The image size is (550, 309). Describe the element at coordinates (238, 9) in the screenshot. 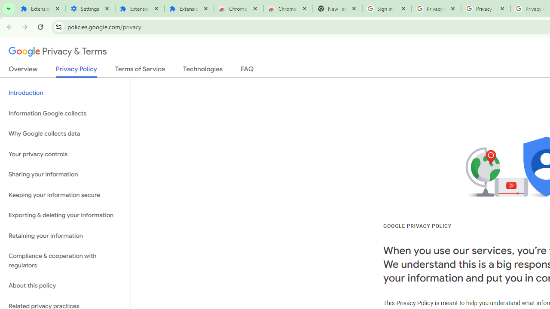

I see `'Chrome Web Store'` at that location.